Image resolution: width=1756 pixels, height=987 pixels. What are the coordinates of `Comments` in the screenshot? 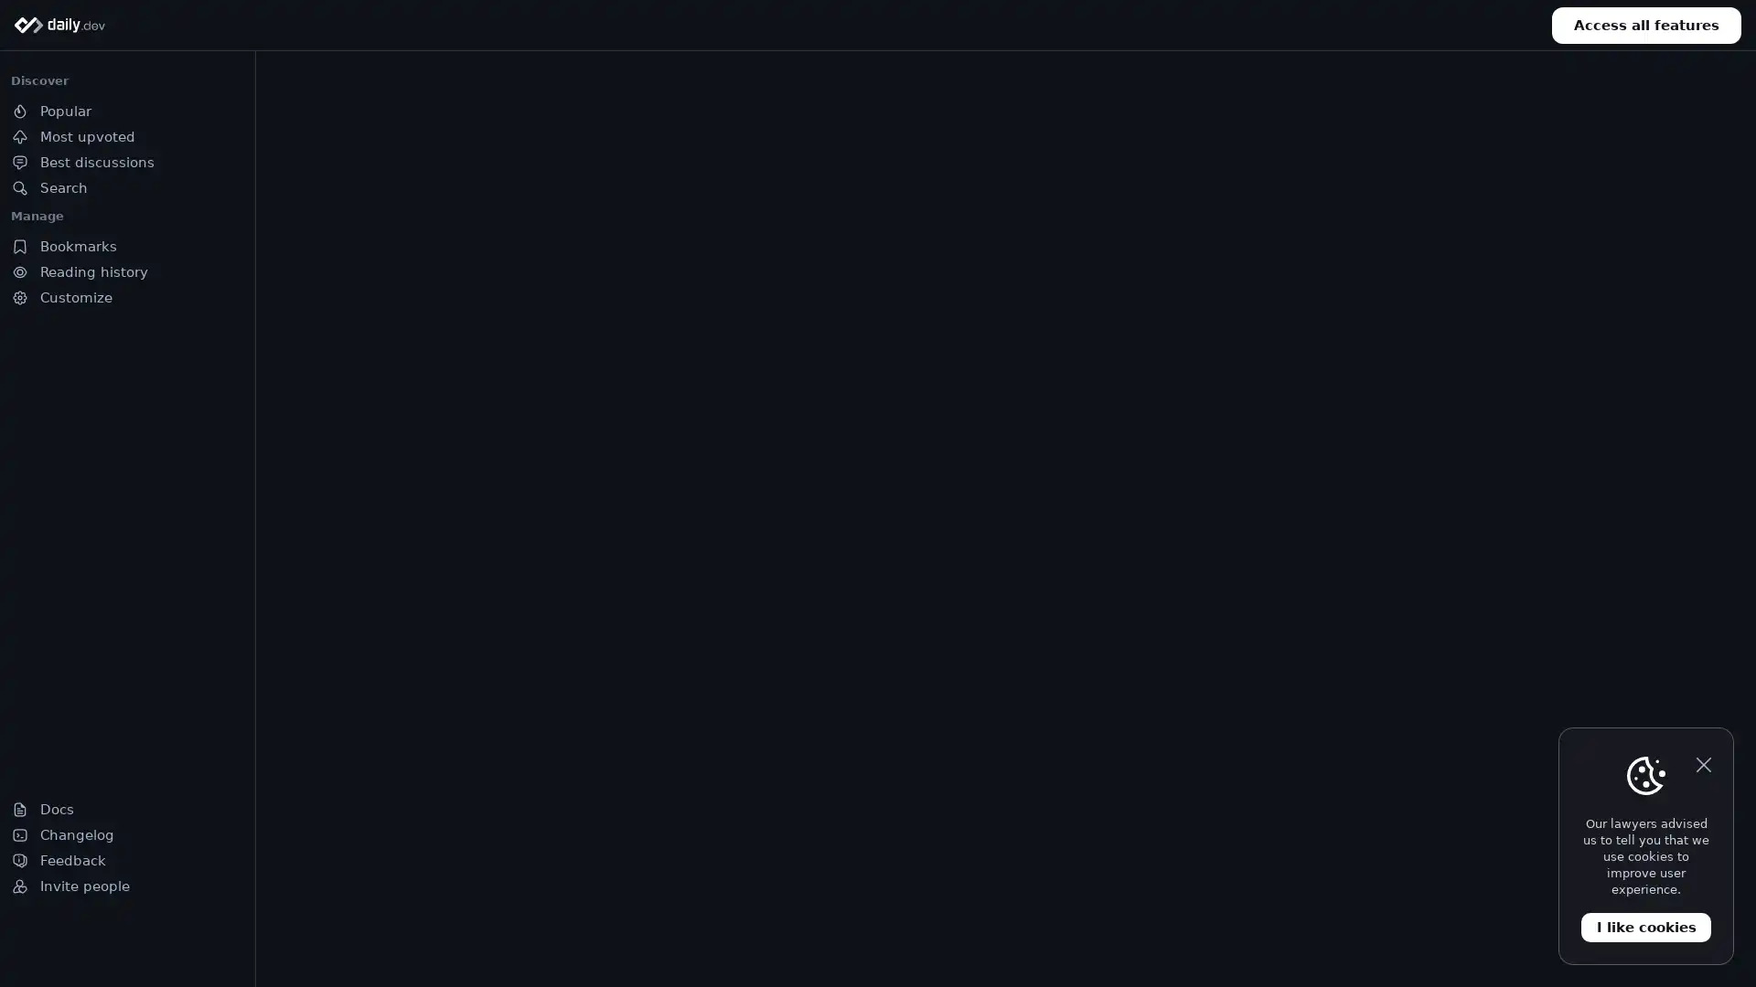 It's located at (843, 891).